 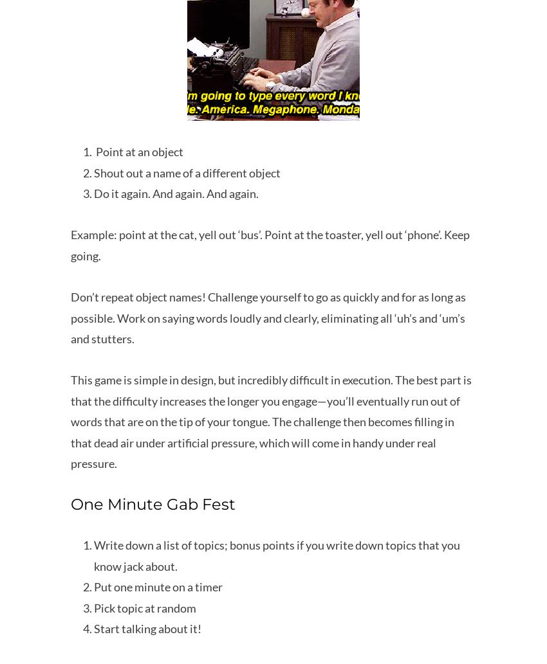 I want to click on 'Pick topic at random', so click(x=145, y=606).